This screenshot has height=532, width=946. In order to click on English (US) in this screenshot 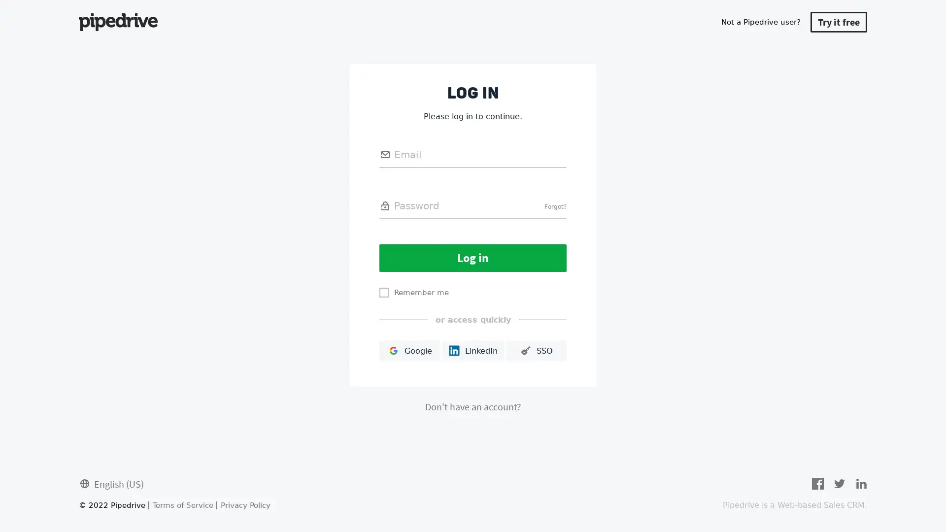, I will do `click(111, 483)`.